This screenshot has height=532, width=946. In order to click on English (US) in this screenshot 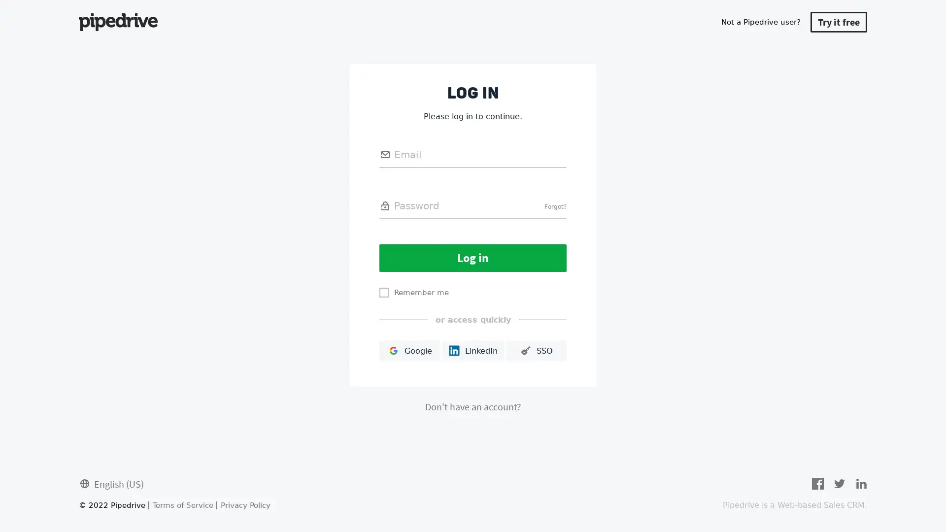, I will do `click(111, 483)`.